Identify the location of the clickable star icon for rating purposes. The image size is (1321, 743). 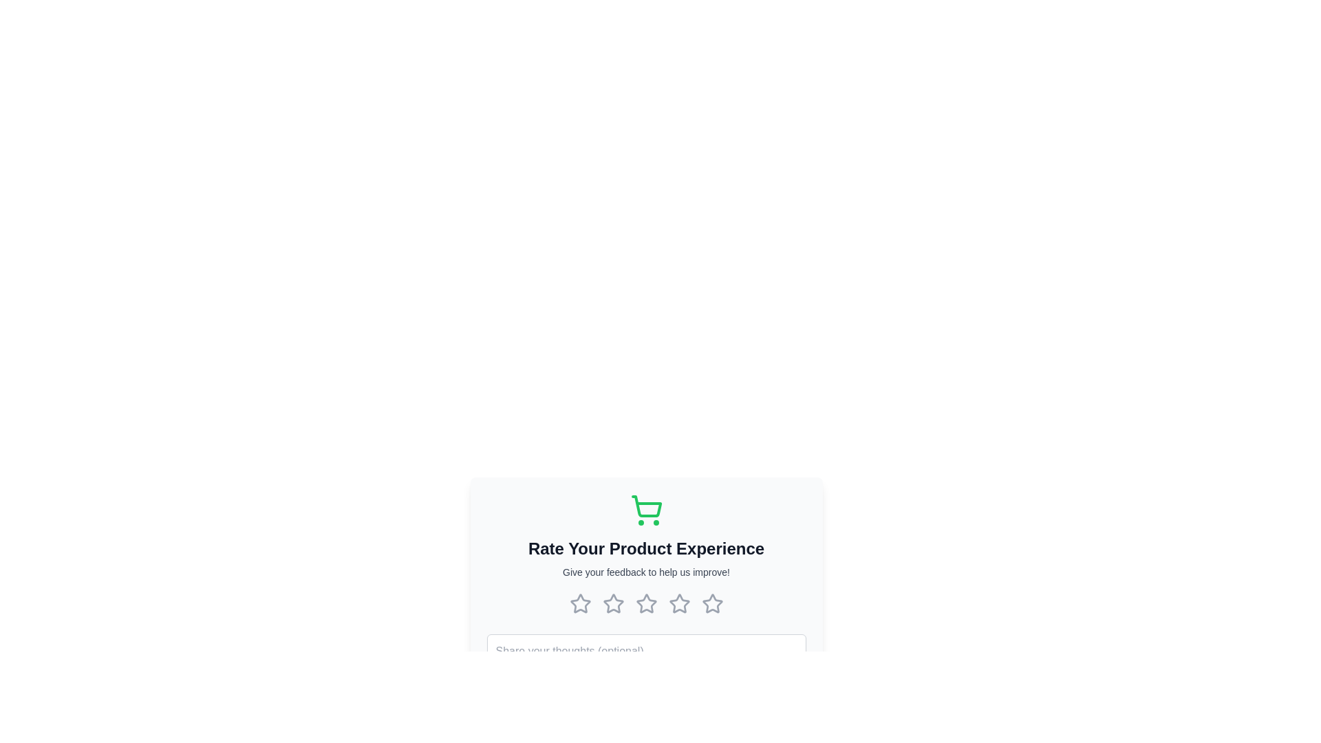
(712, 603).